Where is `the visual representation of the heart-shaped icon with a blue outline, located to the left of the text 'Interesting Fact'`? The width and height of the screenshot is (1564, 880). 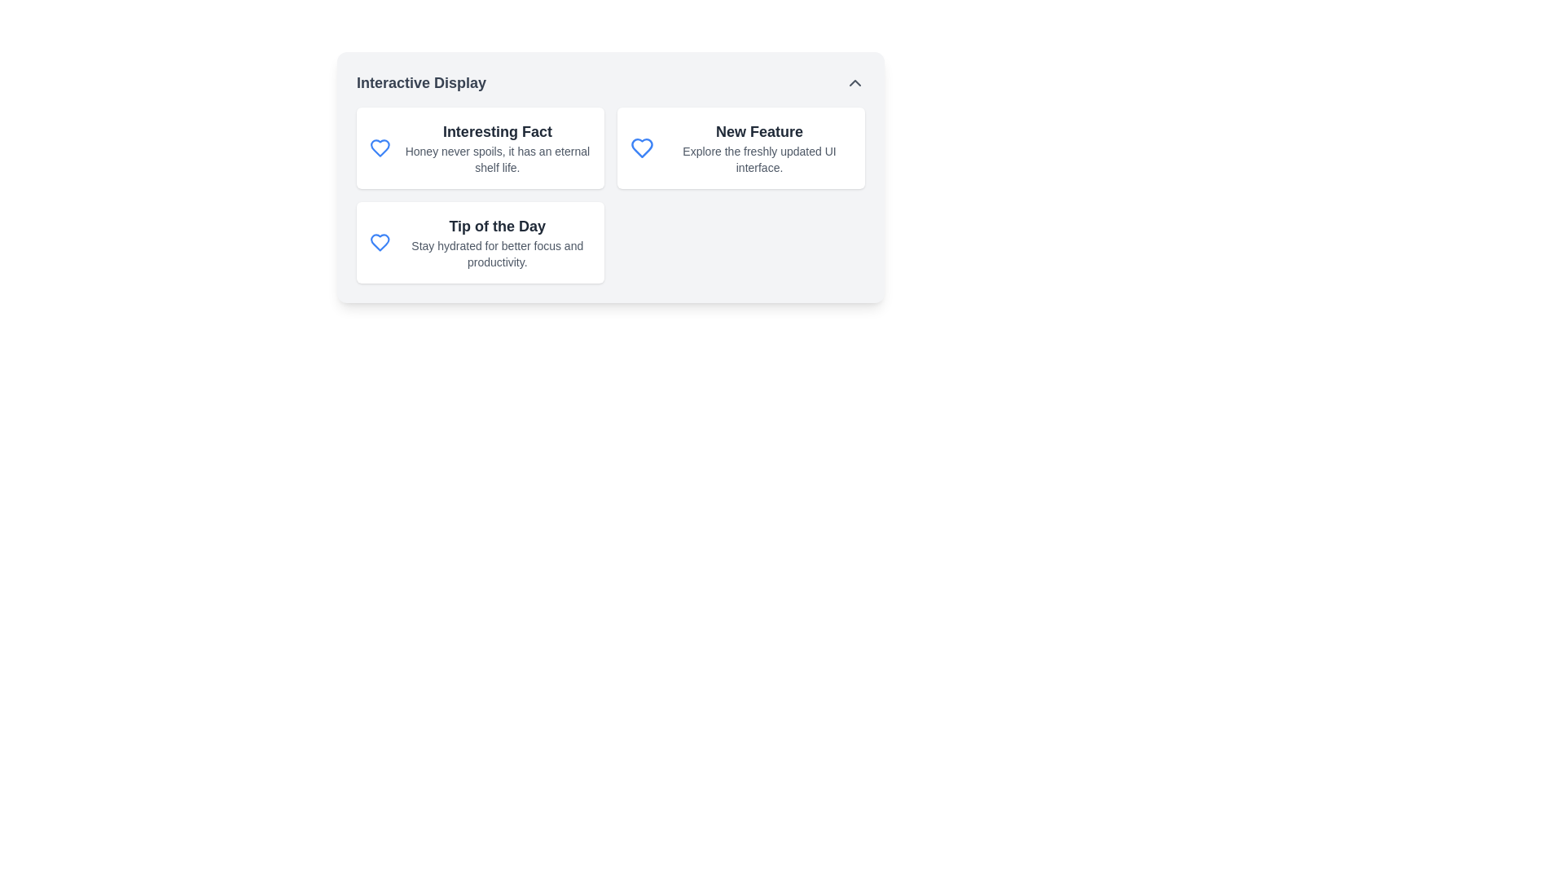
the visual representation of the heart-shaped icon with a blue outline, located to the left of the text 'Interesting Fact' is located at coordinates (379, 147).